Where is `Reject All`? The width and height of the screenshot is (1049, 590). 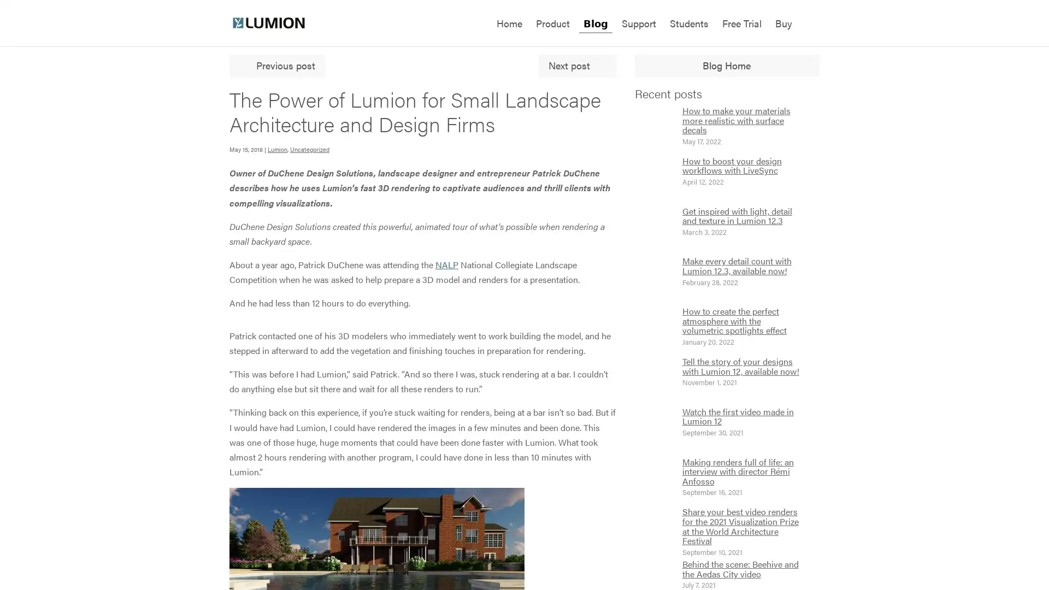 Reject All is located at coordinates (111, 518).